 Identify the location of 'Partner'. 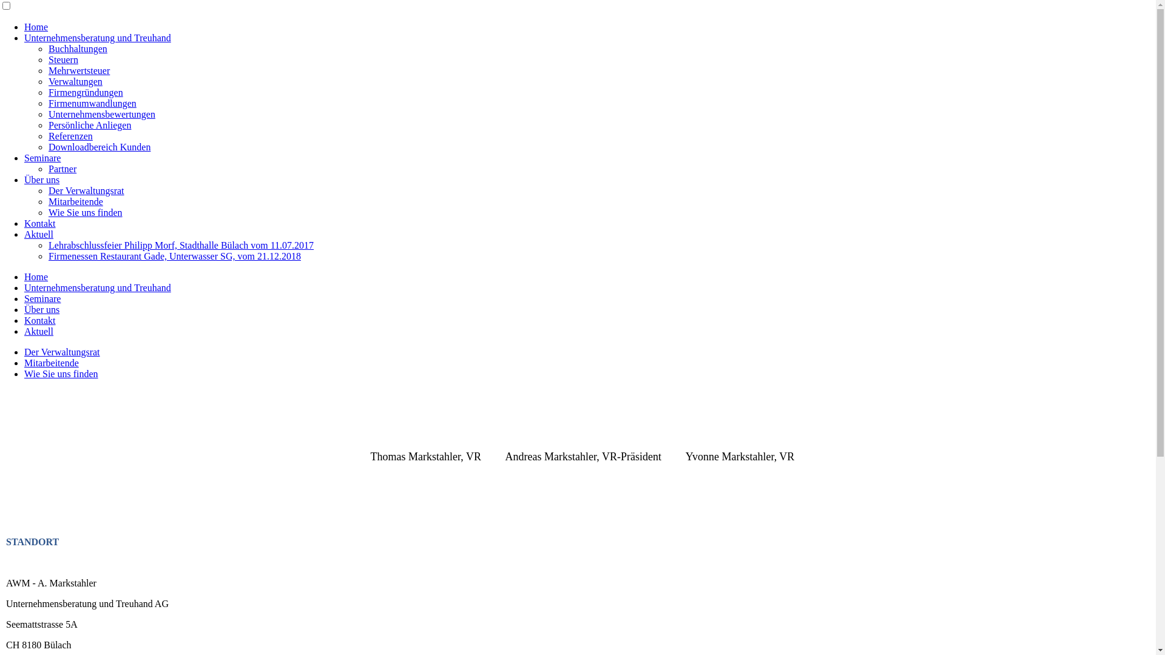
(49, 169).